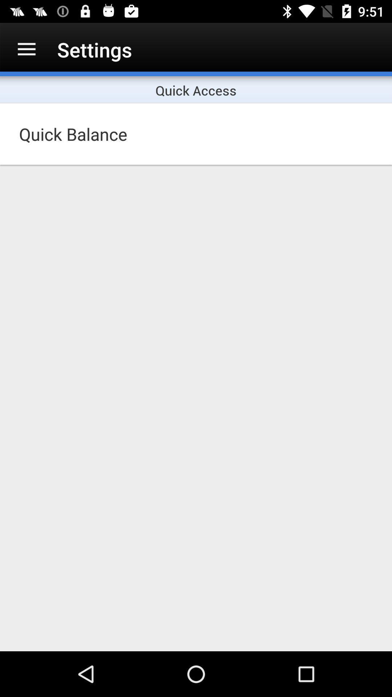 The image size is (392, 697). What do you see at coordinates (26, 49) in the screenshot?
I see `app next to settings app` at bounding box center [26, 49].